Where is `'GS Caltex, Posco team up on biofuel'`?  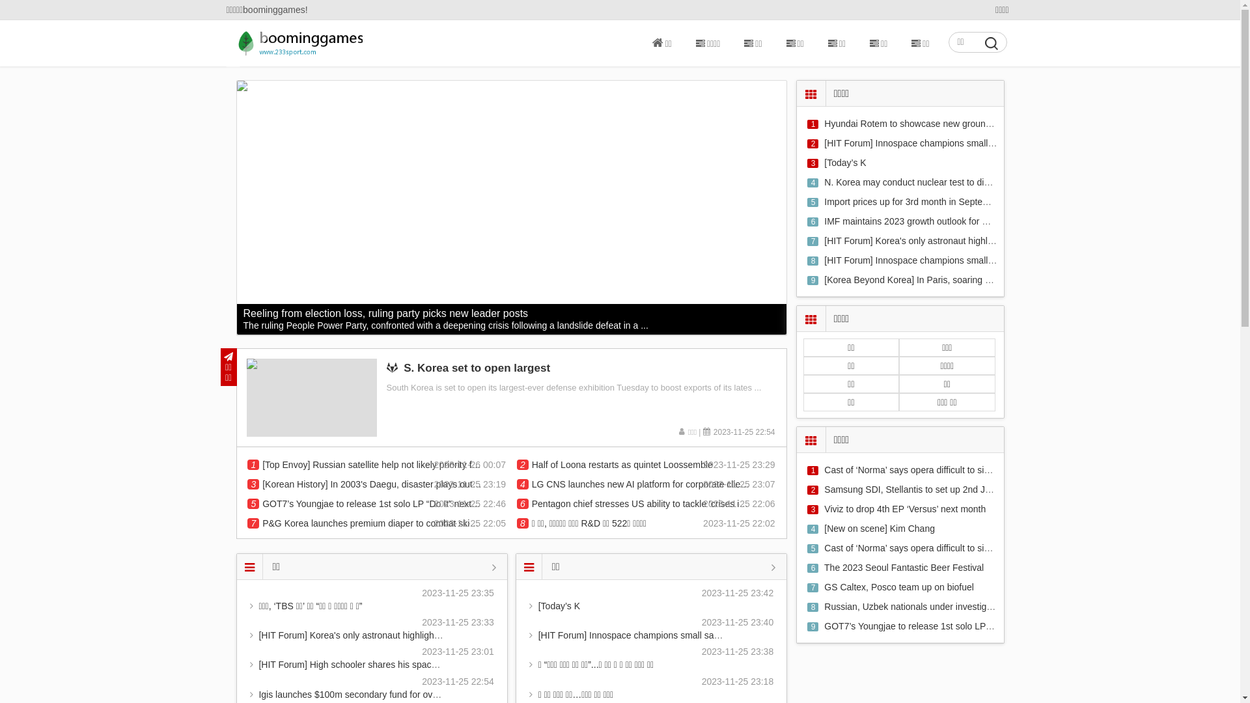
'GS Caltex, Posco team up on biofuel' is located at coordinates (898, 587).